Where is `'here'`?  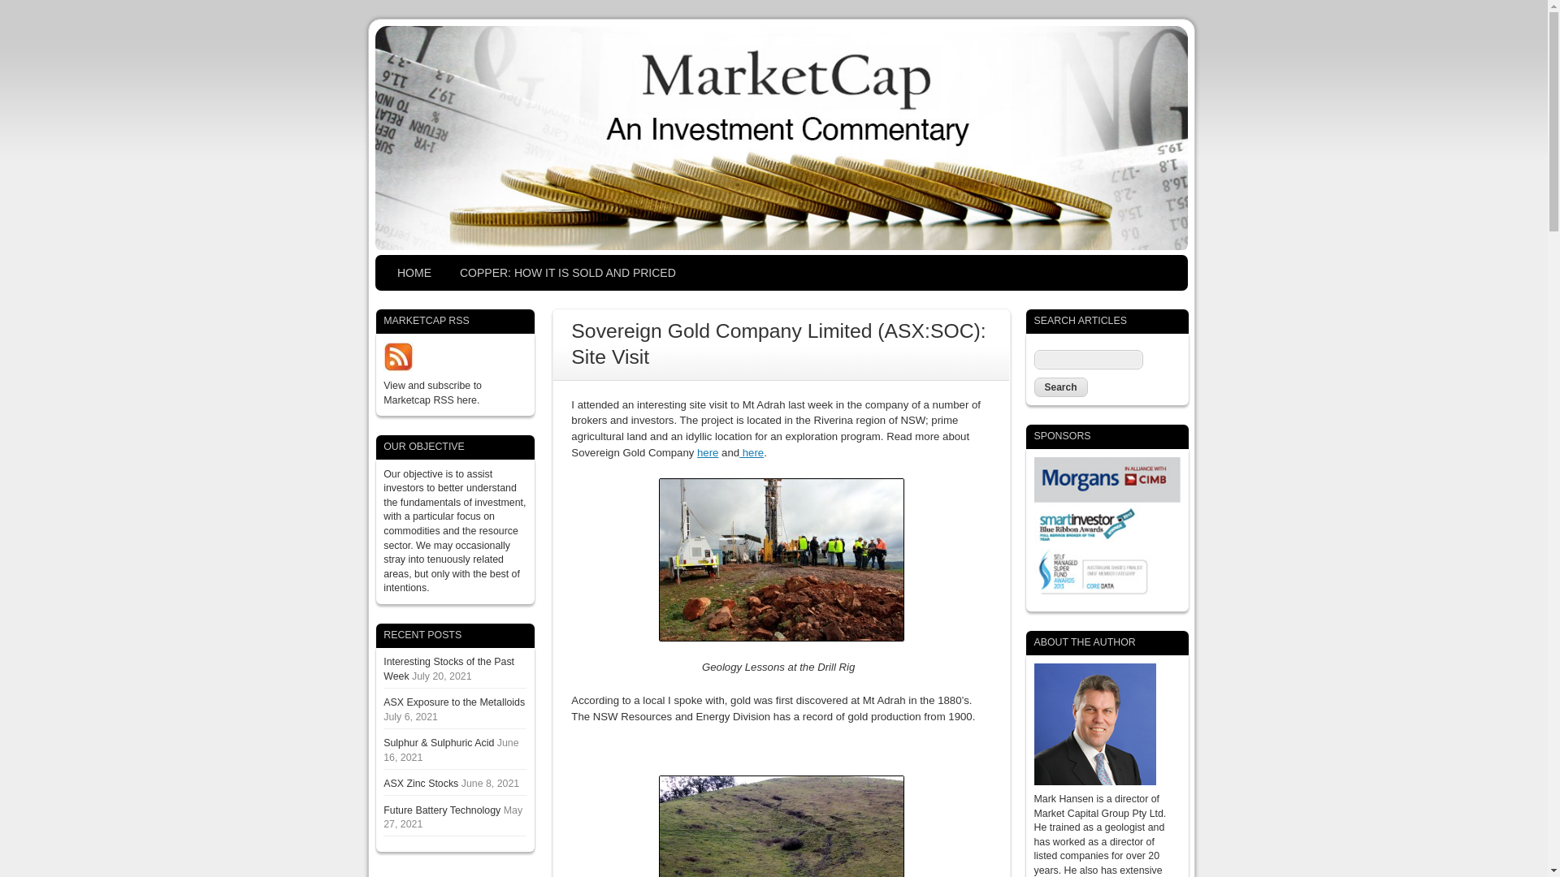 'here' is located at coordinates (707, 452).